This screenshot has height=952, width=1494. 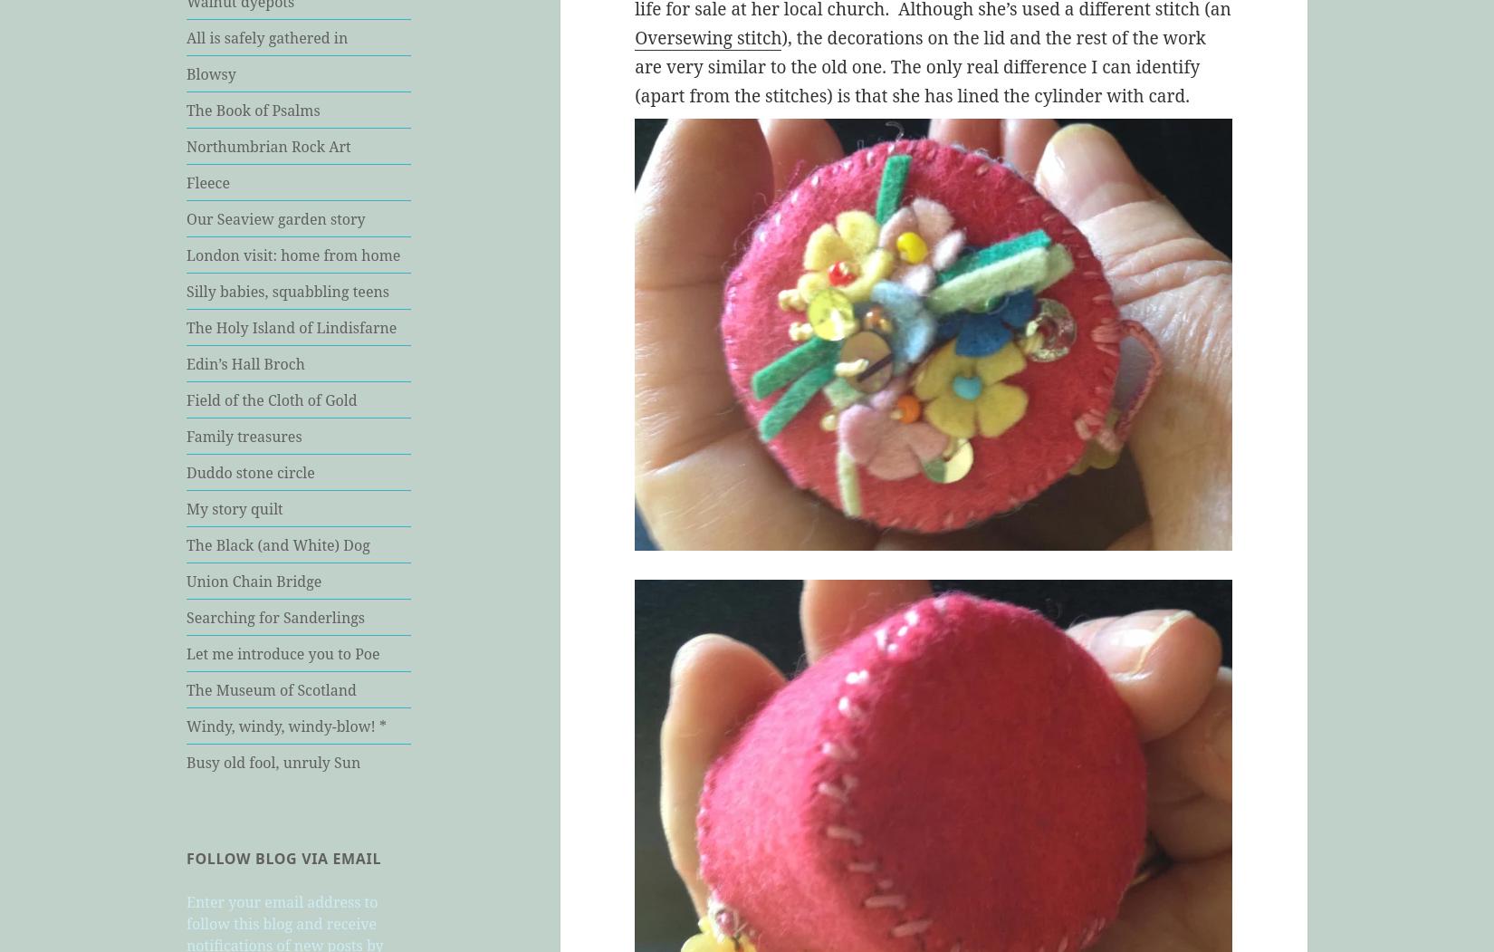 What do you see at coordinates (186, 361) in the screenshot?
I see `'Edin’s Hall Broch'` at bounding box center [186, 361].